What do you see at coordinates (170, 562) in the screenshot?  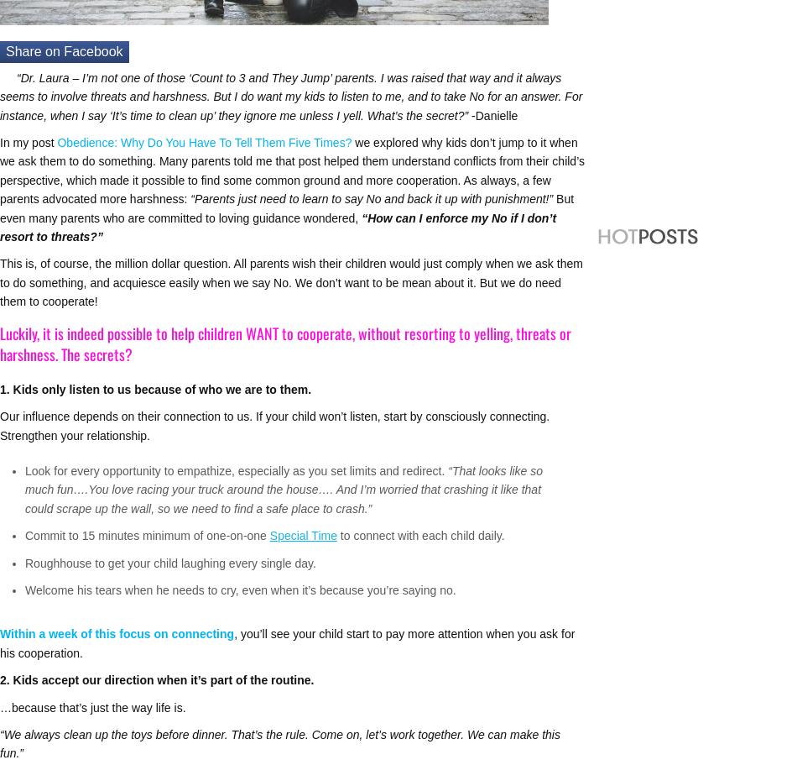 I see `'Roughhouse to get your child laughing every single day.'` at bounding box center [170, 562].